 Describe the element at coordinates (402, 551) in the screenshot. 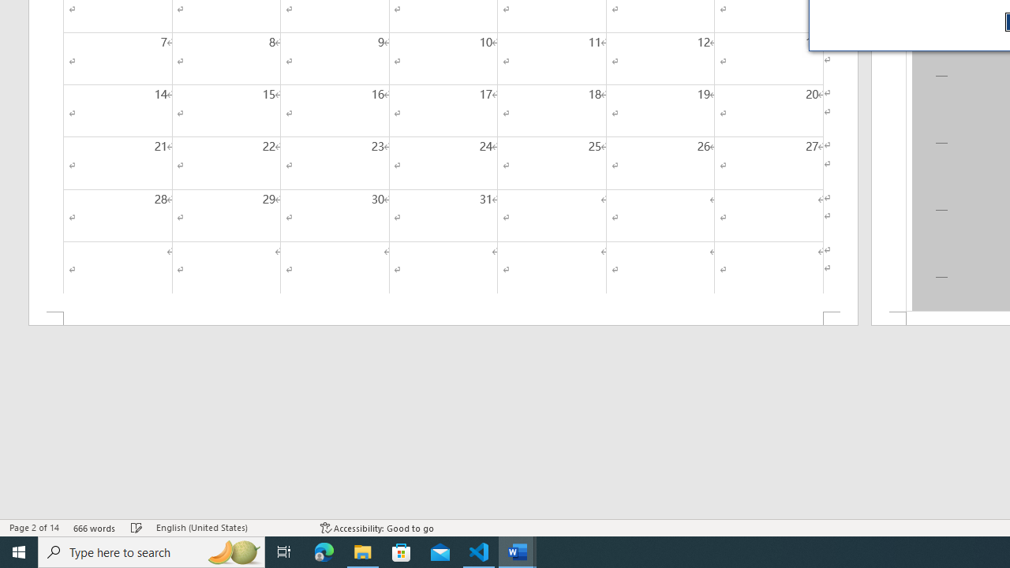

I see `'Microsoft Store'` at that location.